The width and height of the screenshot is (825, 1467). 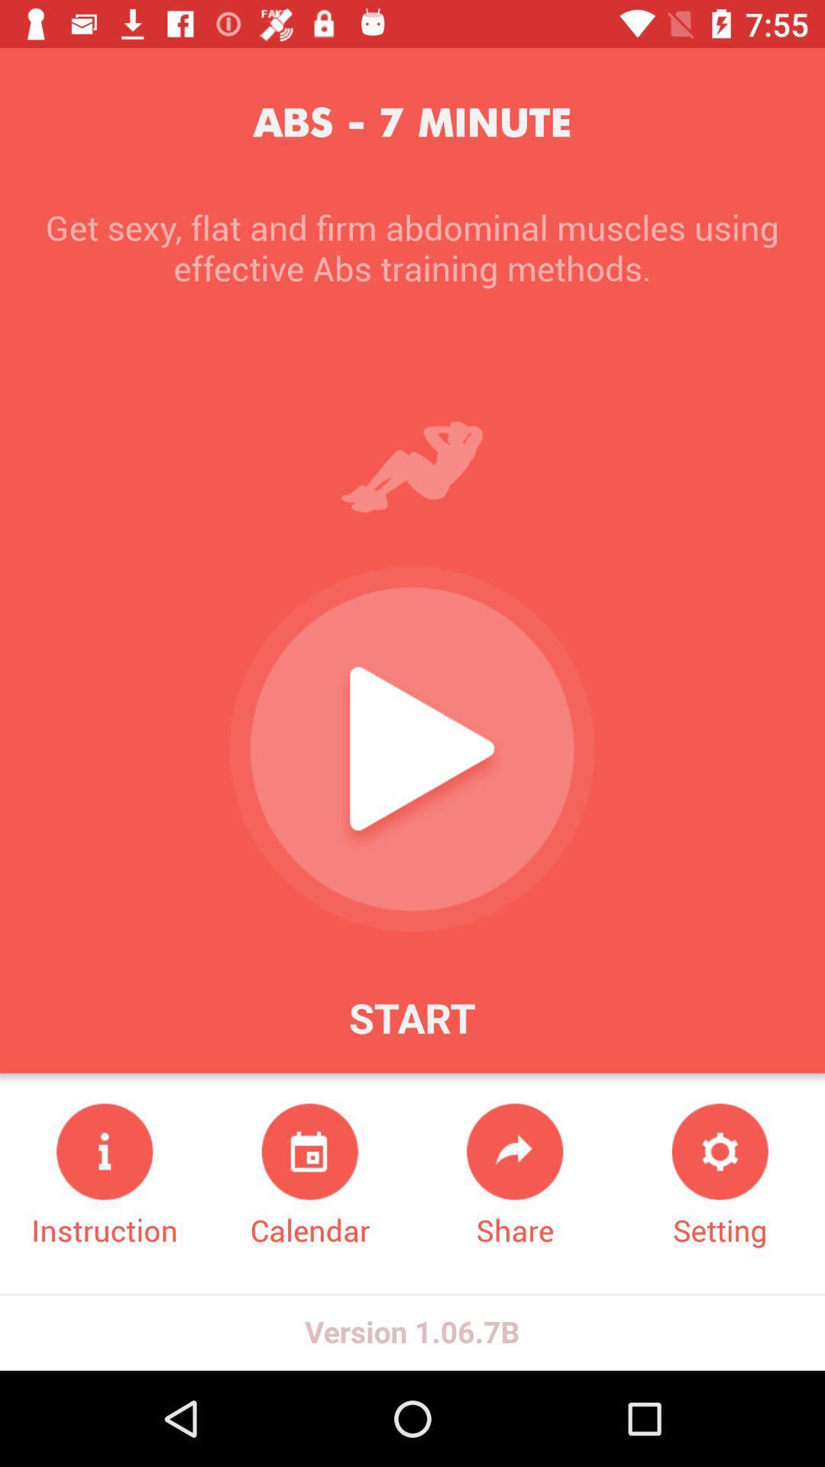 What do you see at coordinates (104, 1176) in the screenshot?
I see `instruction item` at bounding box center [104, 1176].